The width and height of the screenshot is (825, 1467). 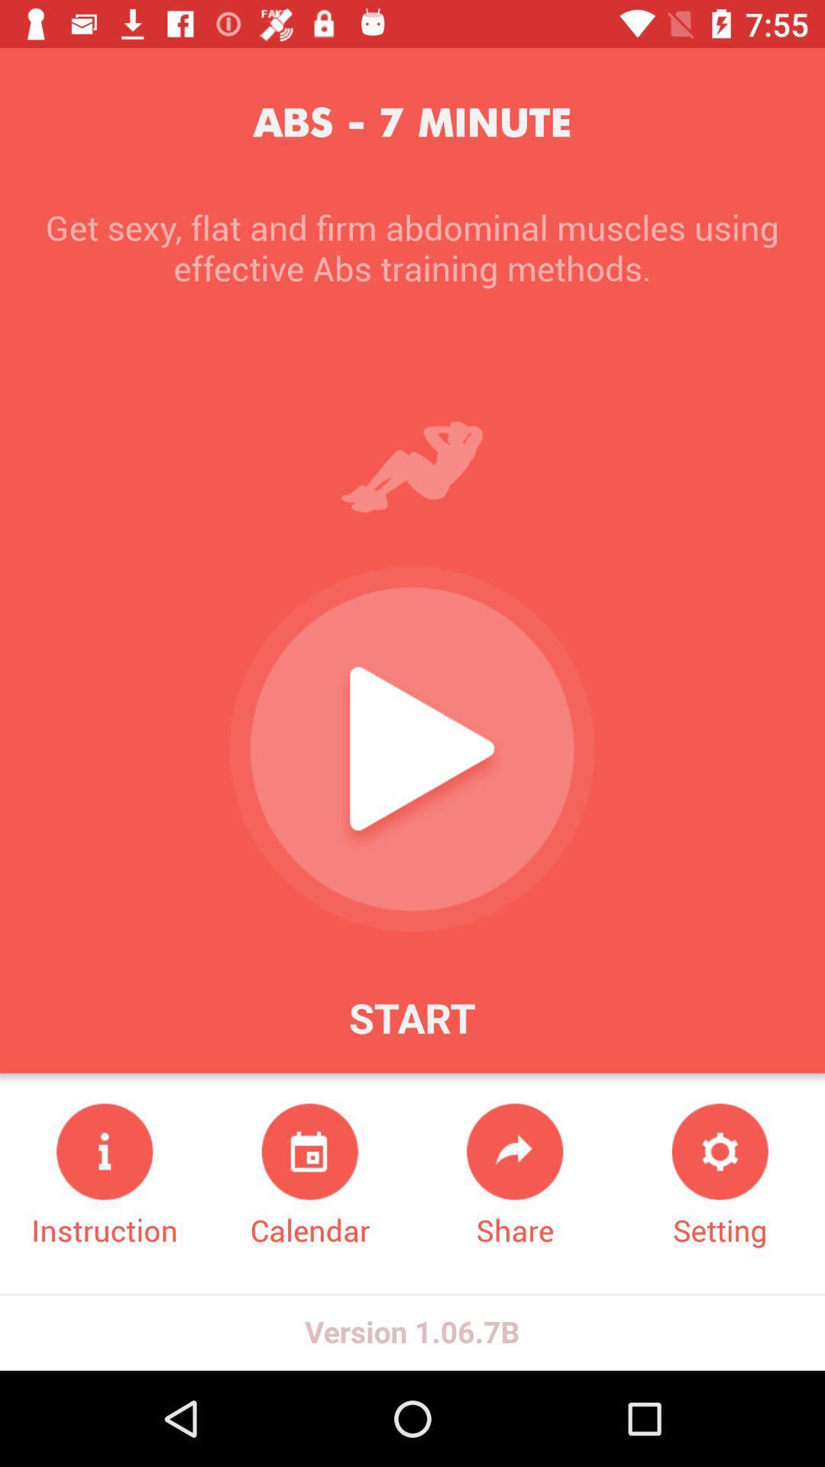 What do you see at coordinates (104, 1176) in the screenshot?
I see `instruction item` at bounding box center [104, 1176].